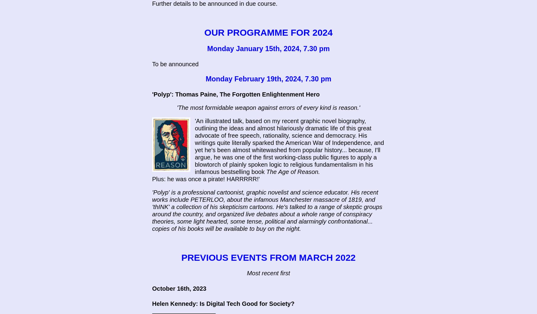 The height and width of the screenshot is (314, 537). What do you see at coordinates (268, 79) in the screenshot?
I see `'Monday February 19th, 2024, 7.30 pm'` at bounding box center [268, 79].